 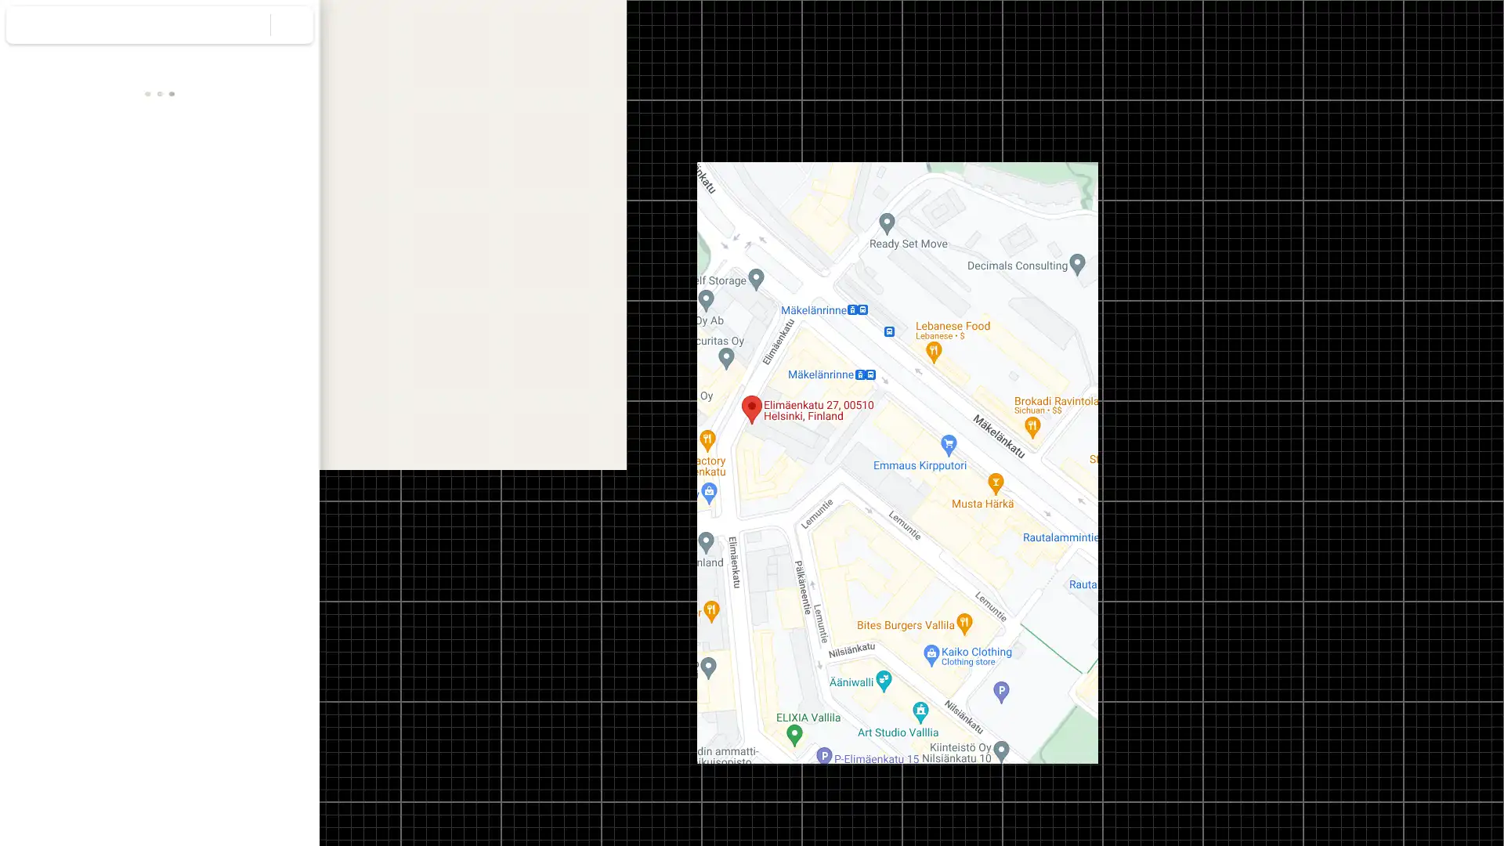 I want to click on Search nearby Elimaenkatu 27, so click(x=159, y=268).